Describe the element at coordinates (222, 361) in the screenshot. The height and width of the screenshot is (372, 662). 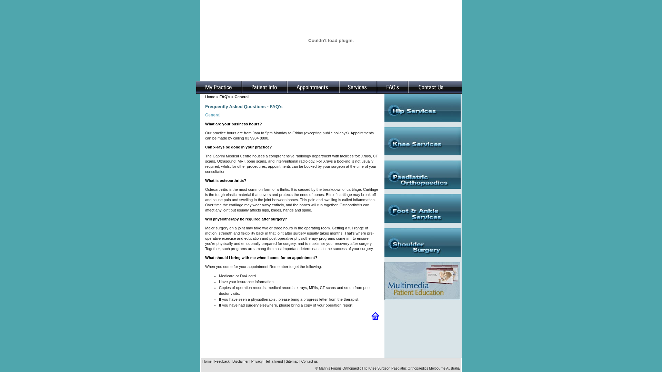
I see `'Feedback'` at that location.